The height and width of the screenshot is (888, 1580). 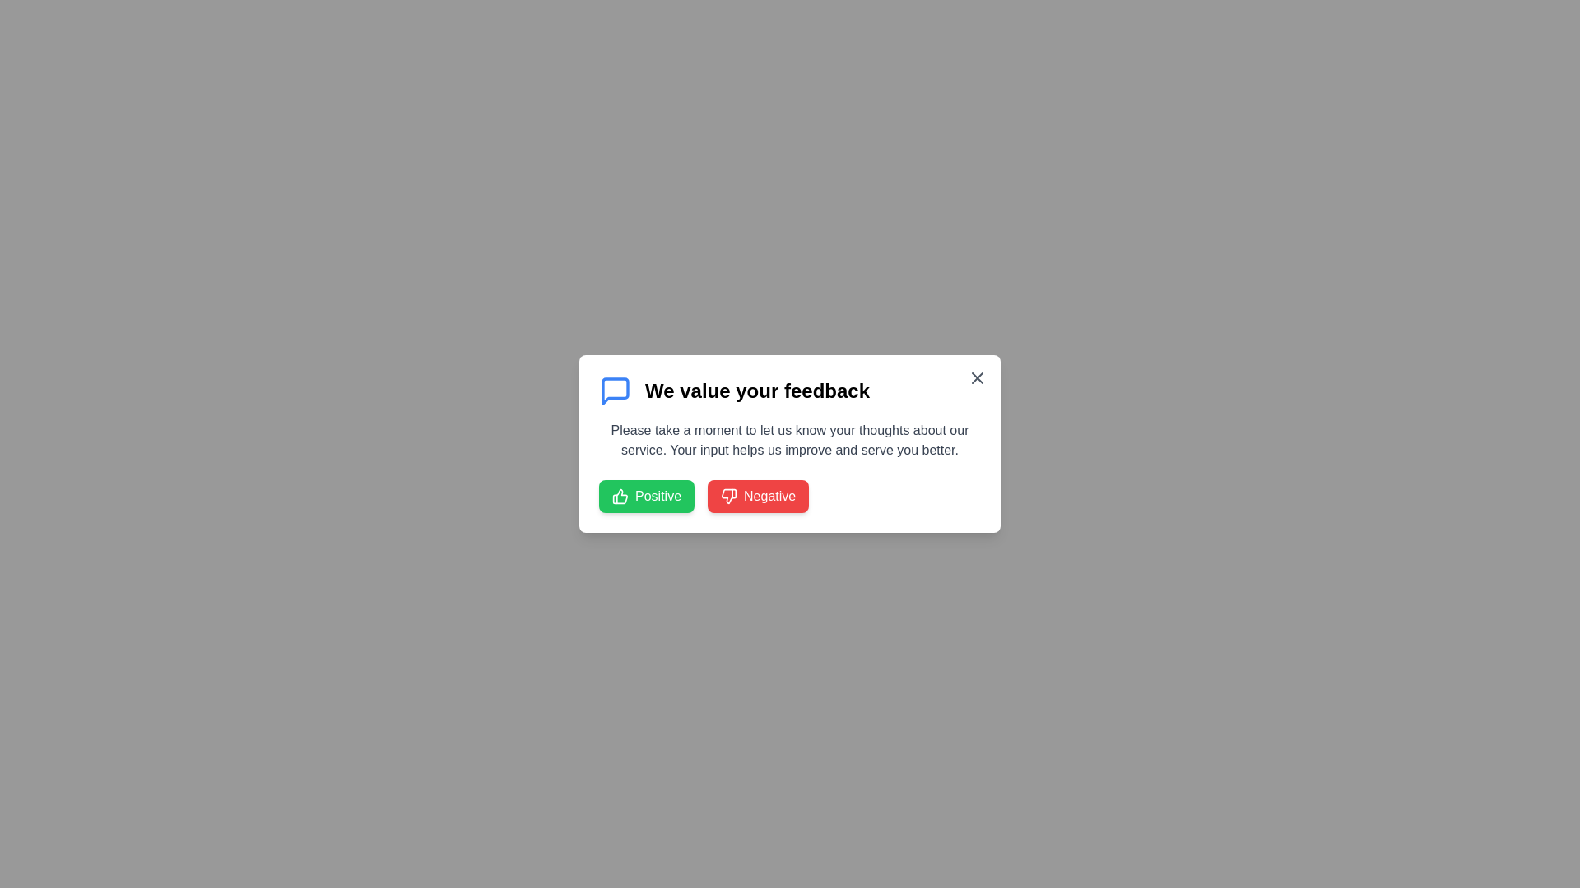 What do you see at coordinates (978, 377) in the screenshot?
I see `close button to dismiss the dialog` at bounding box center [978, 377].